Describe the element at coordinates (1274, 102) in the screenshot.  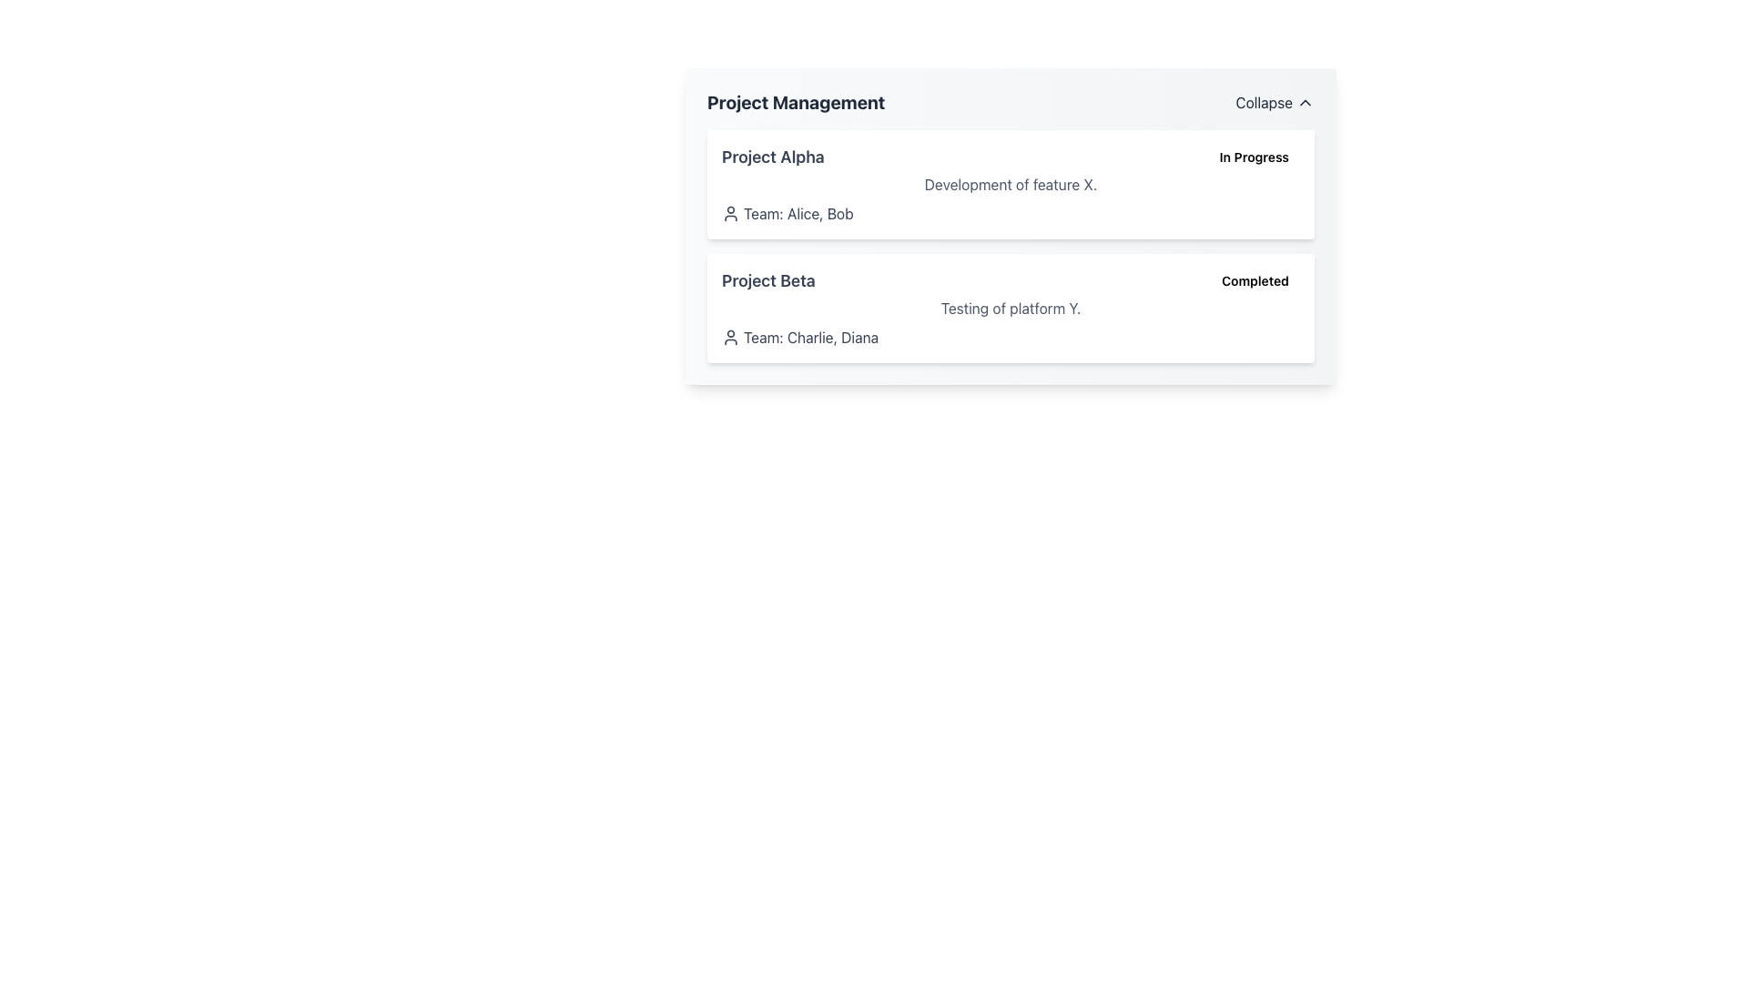
I see `the button located in the top-right corner of the 'Project Management' section` at that location.